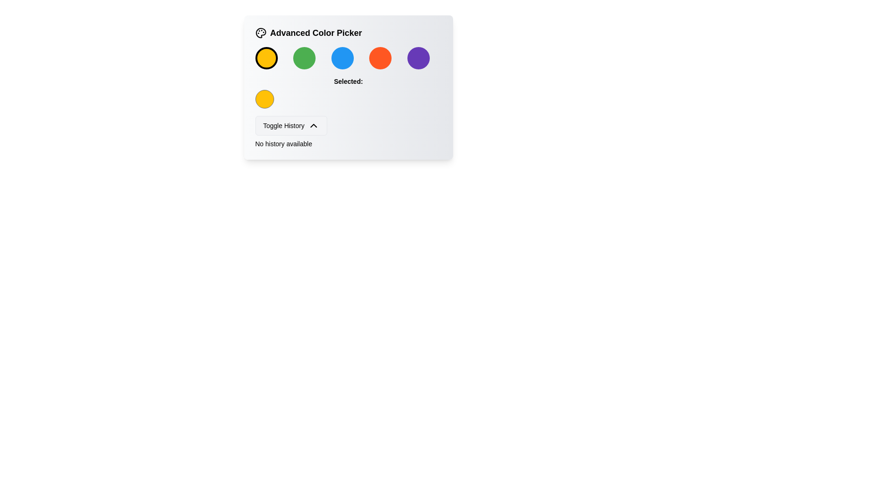 The height and width of the screenshot is (503, 895). Describe the element at coordinates (304, 58) in the screenshot. I see `the green circular button, which is the second button in a row of five` at that location.